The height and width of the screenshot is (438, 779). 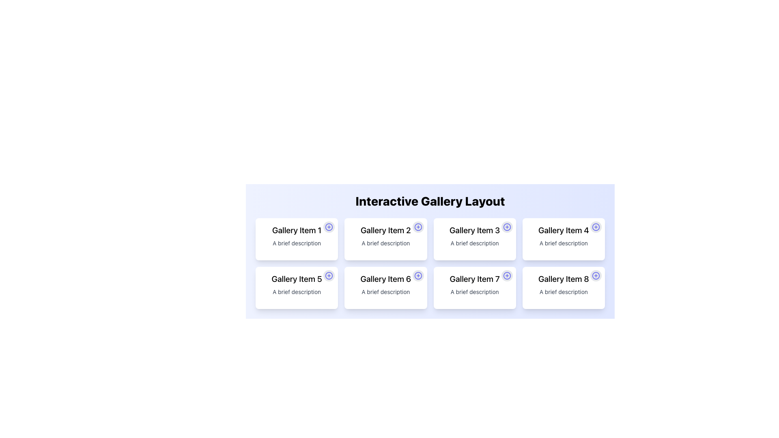 What do you see at coordinates (506, 227) in the screenshot?
I see `the SVG Circle element with a stroke width of 2px, part of the 'circle plus' icon at the top right corner of the card labeled 'Gallery Item 3'` at bounding box center [506, 227].